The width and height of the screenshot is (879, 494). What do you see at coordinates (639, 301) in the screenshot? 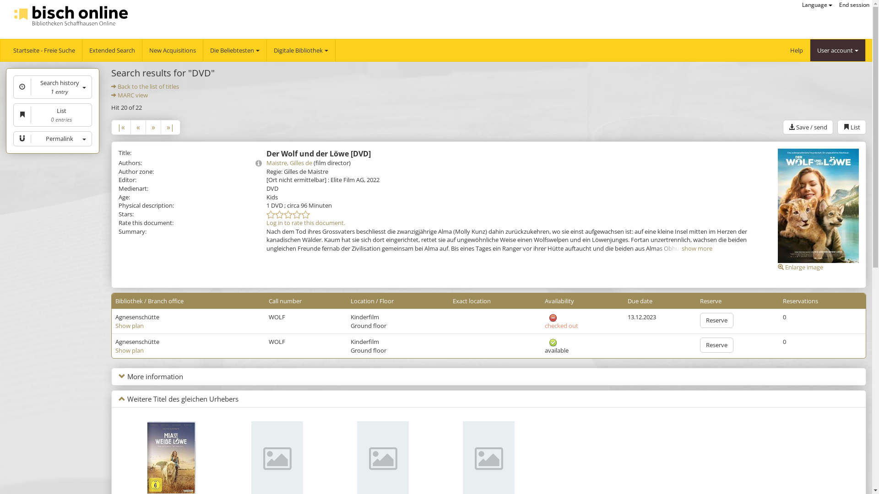
I see `'Due date'` at bounding box center [639, 301].